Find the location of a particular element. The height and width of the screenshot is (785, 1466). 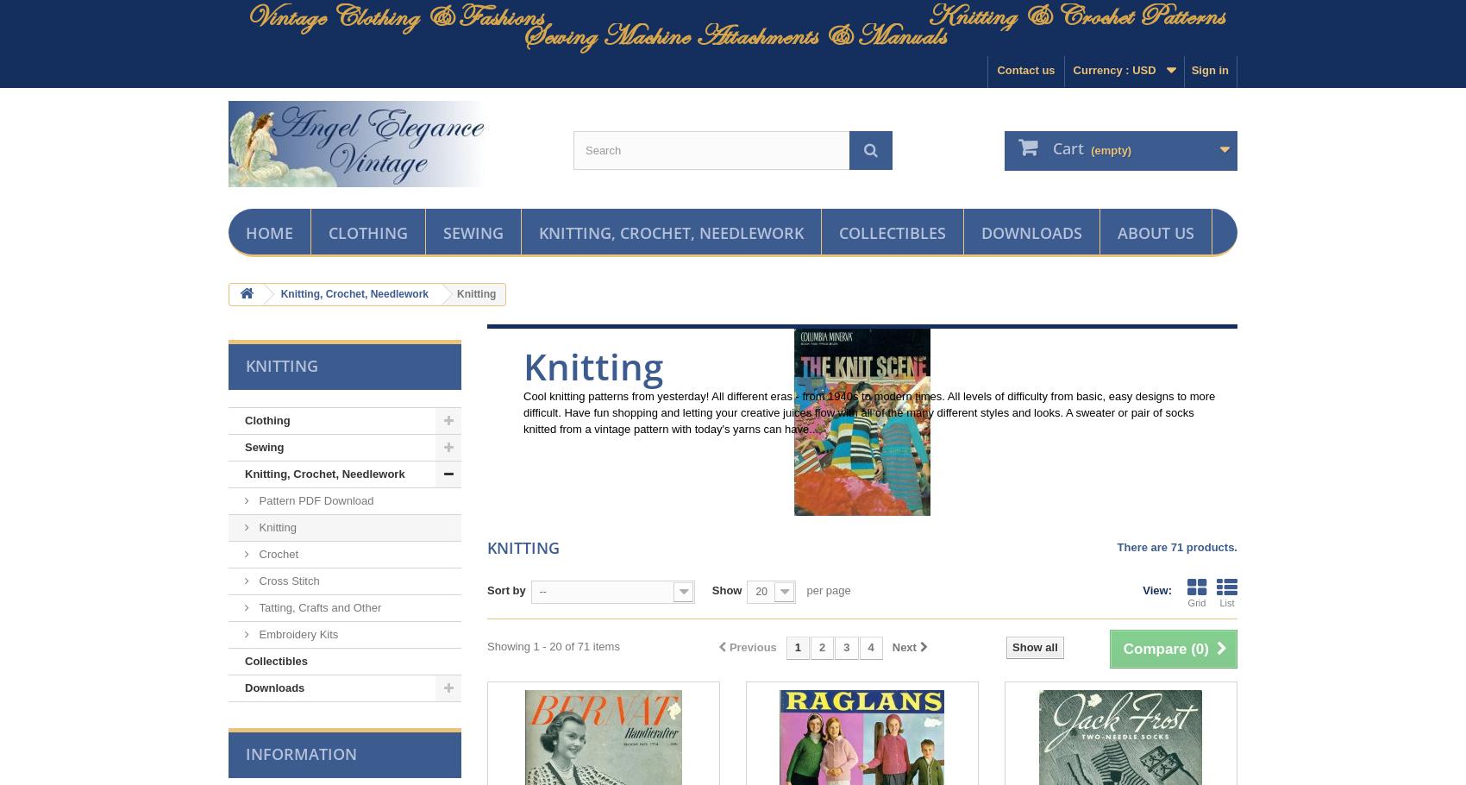

'Grid' is located at coordinates (1195, 602).